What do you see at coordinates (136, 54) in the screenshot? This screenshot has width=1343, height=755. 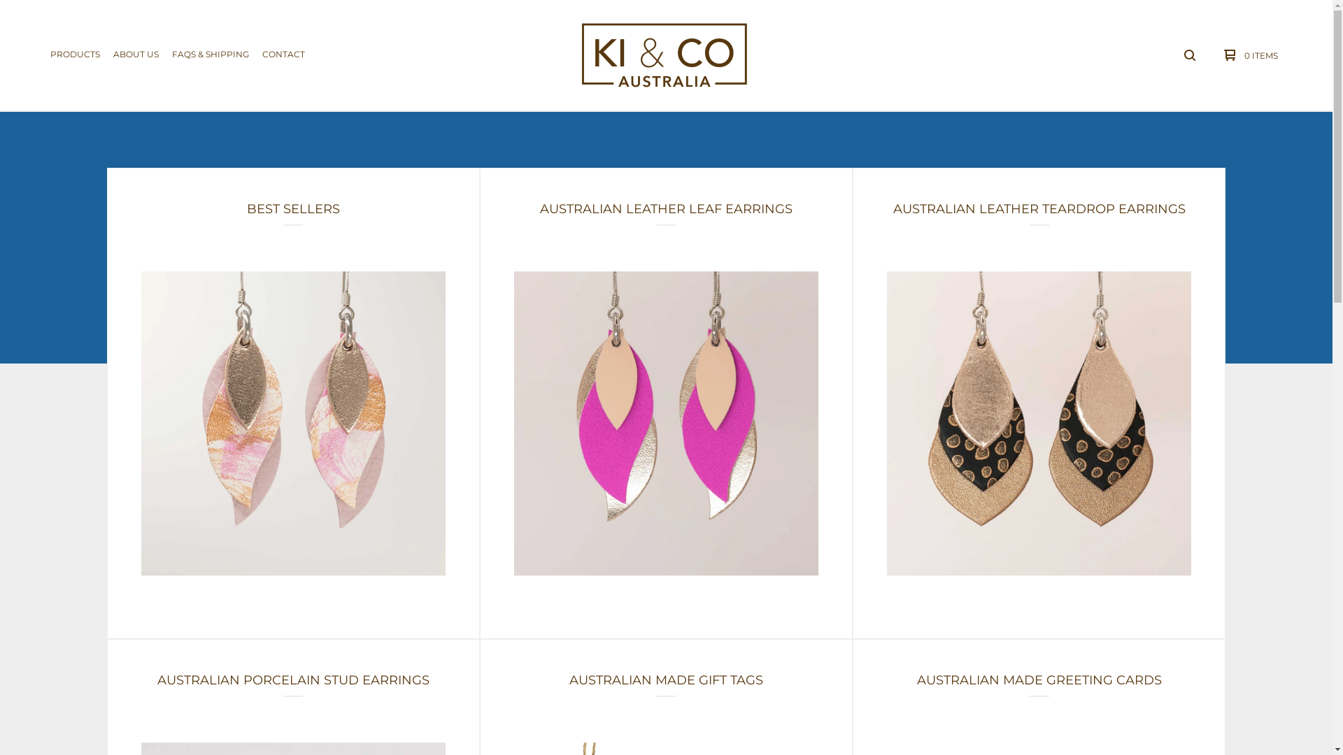 I see `'ABOUT US'` at bounding box center [136, 54].